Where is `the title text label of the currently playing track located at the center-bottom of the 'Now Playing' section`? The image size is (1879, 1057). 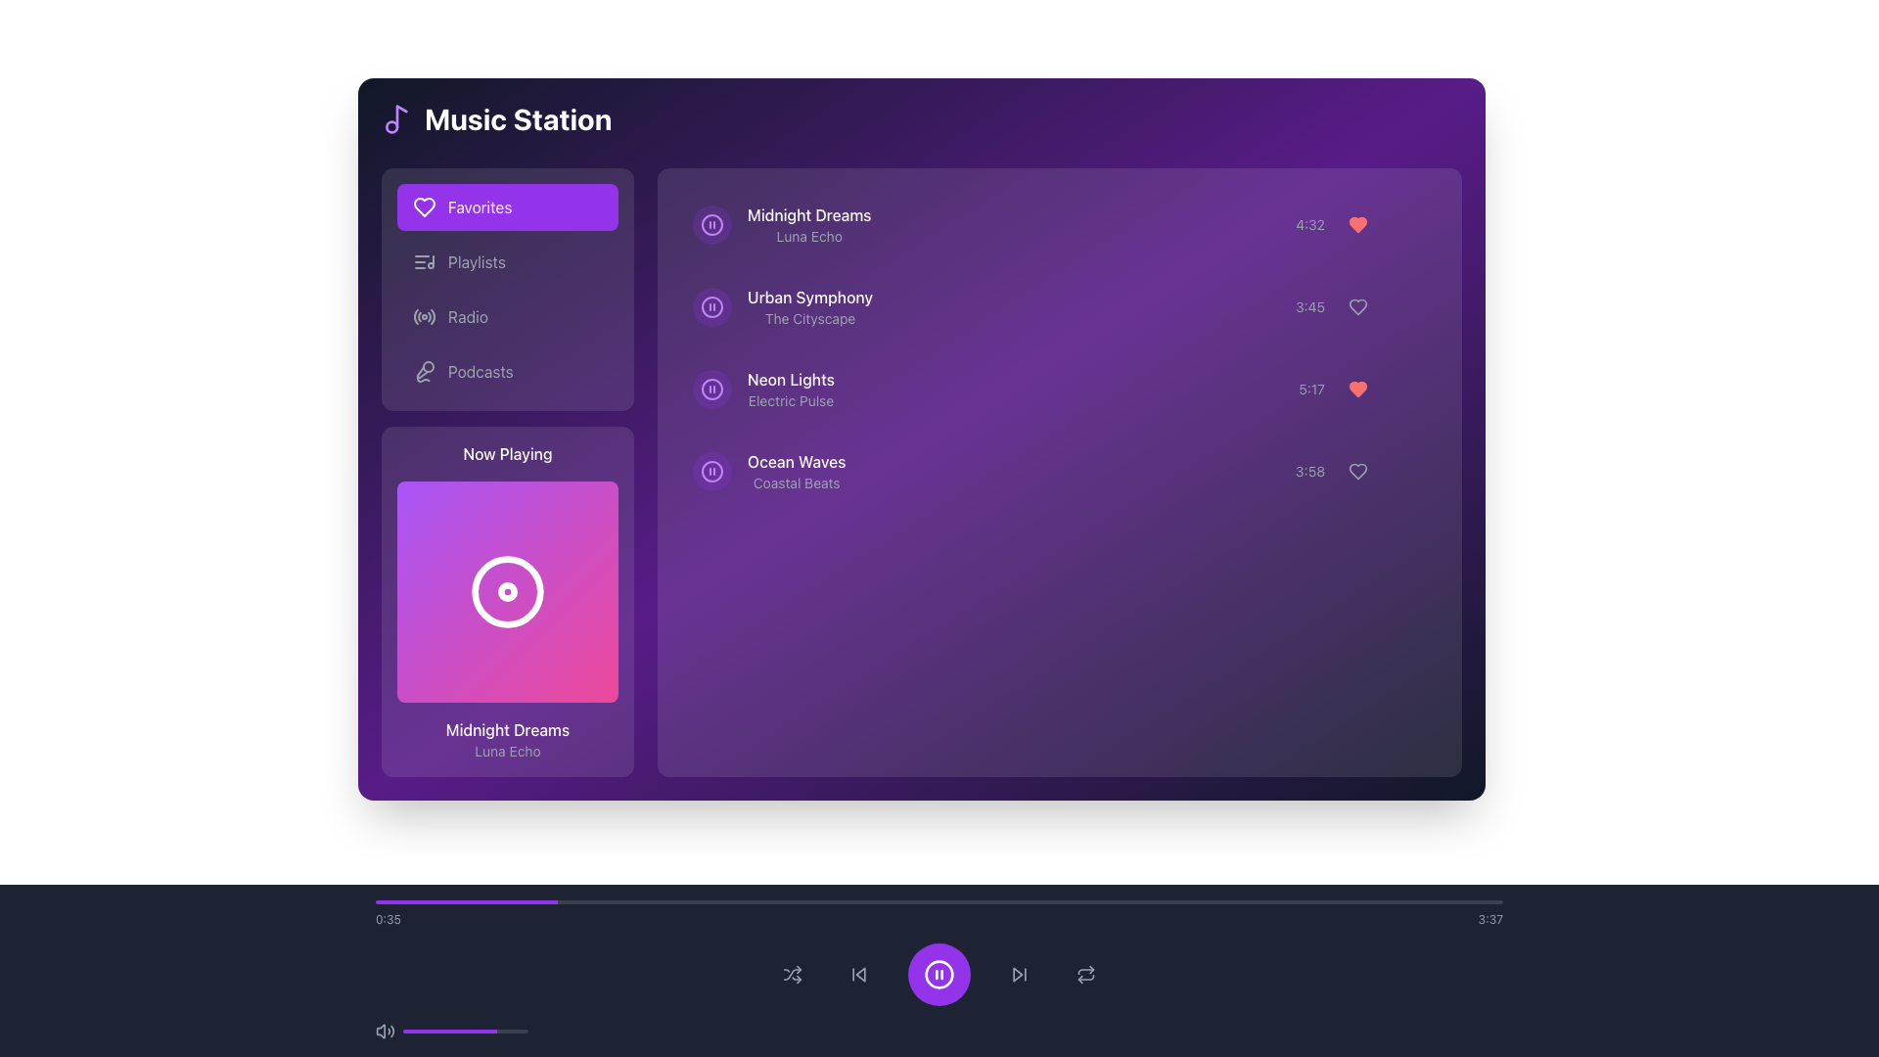
the title text label of the currently playing track located at the center-bottom of the 'Now Playing' section is located at coordinates (507, 729).